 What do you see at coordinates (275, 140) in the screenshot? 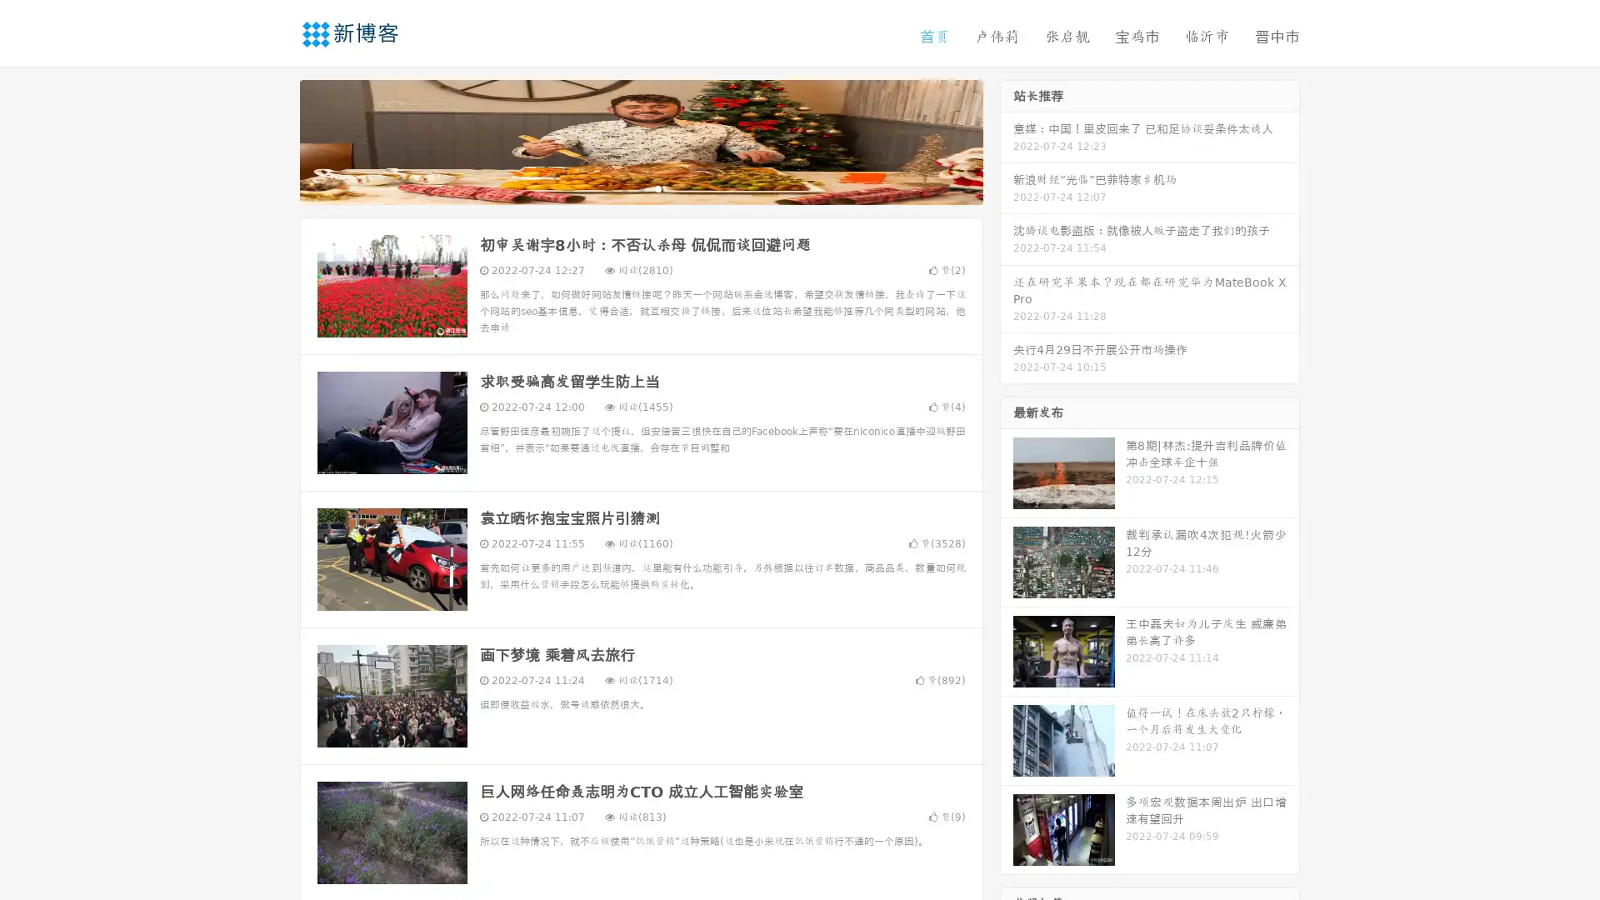
I see `Previous slide` at bounding box center [275, 140].